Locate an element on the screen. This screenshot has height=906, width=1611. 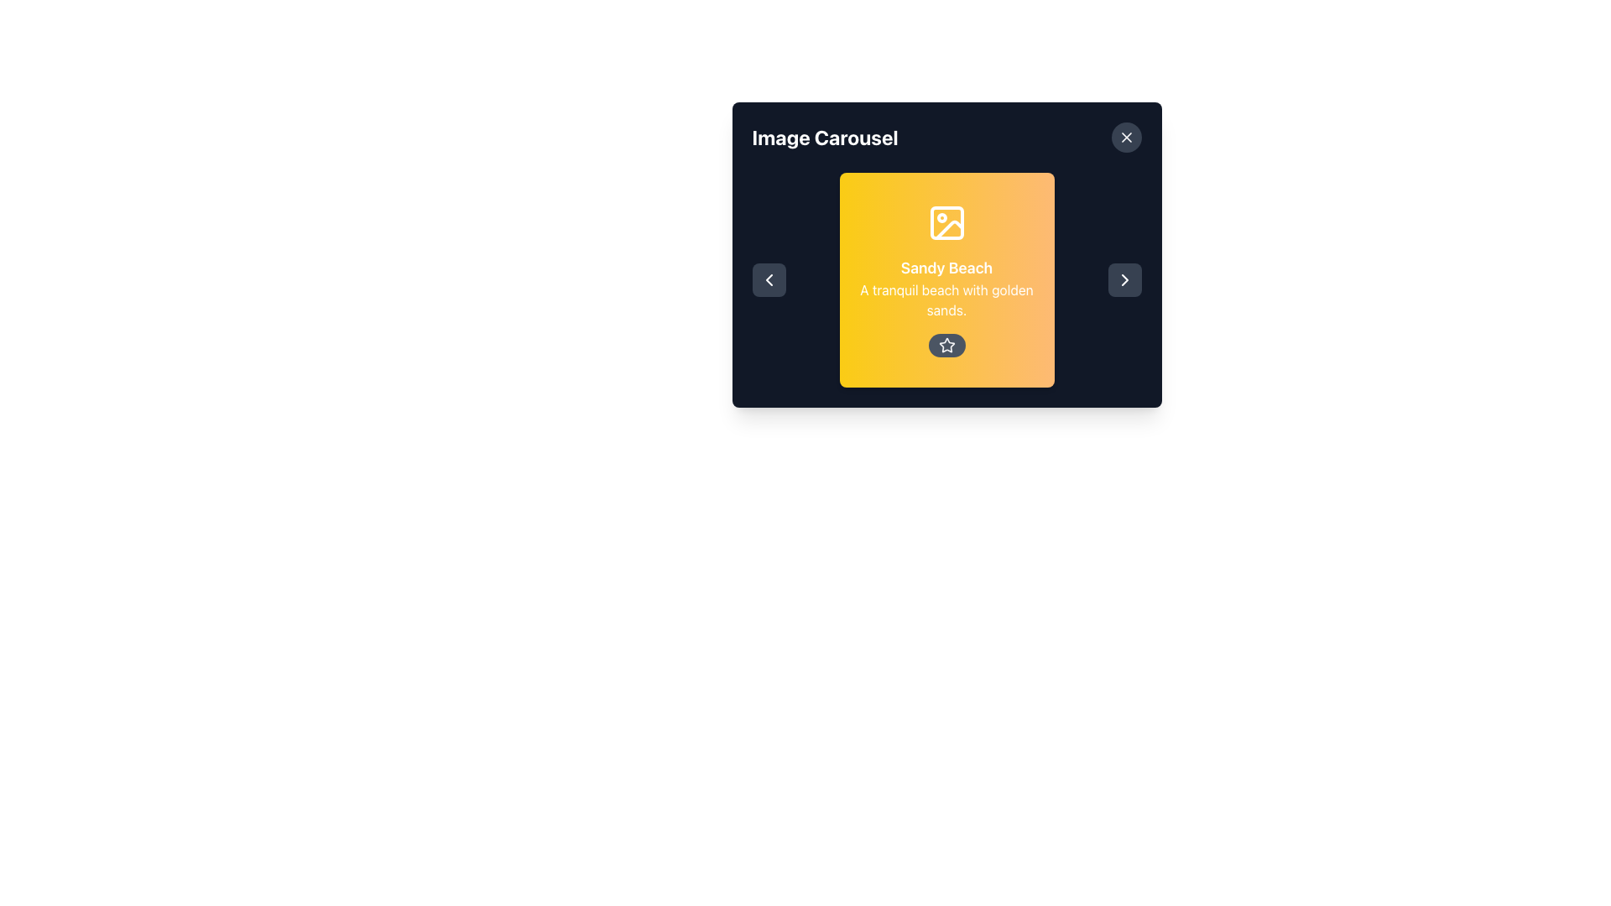
the small chevron icon styled as a right-arrow within the rounded button on the right side of the carousel interface is located at coordinates (1124, 279).